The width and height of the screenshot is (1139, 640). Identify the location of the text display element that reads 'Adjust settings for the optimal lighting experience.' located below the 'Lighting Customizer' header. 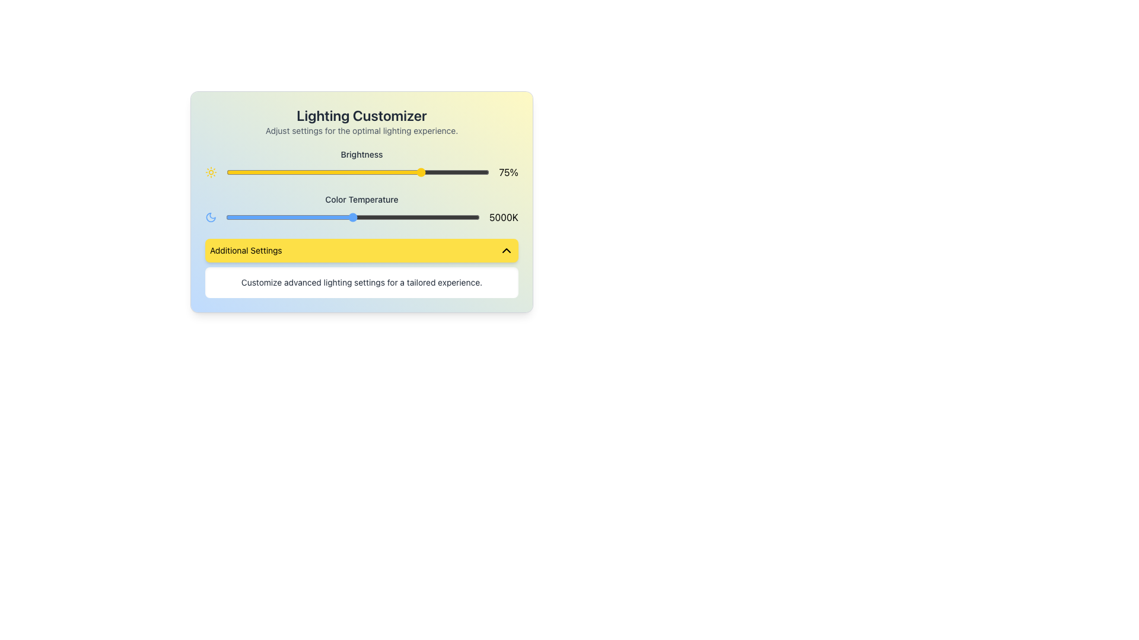
(361, 130).